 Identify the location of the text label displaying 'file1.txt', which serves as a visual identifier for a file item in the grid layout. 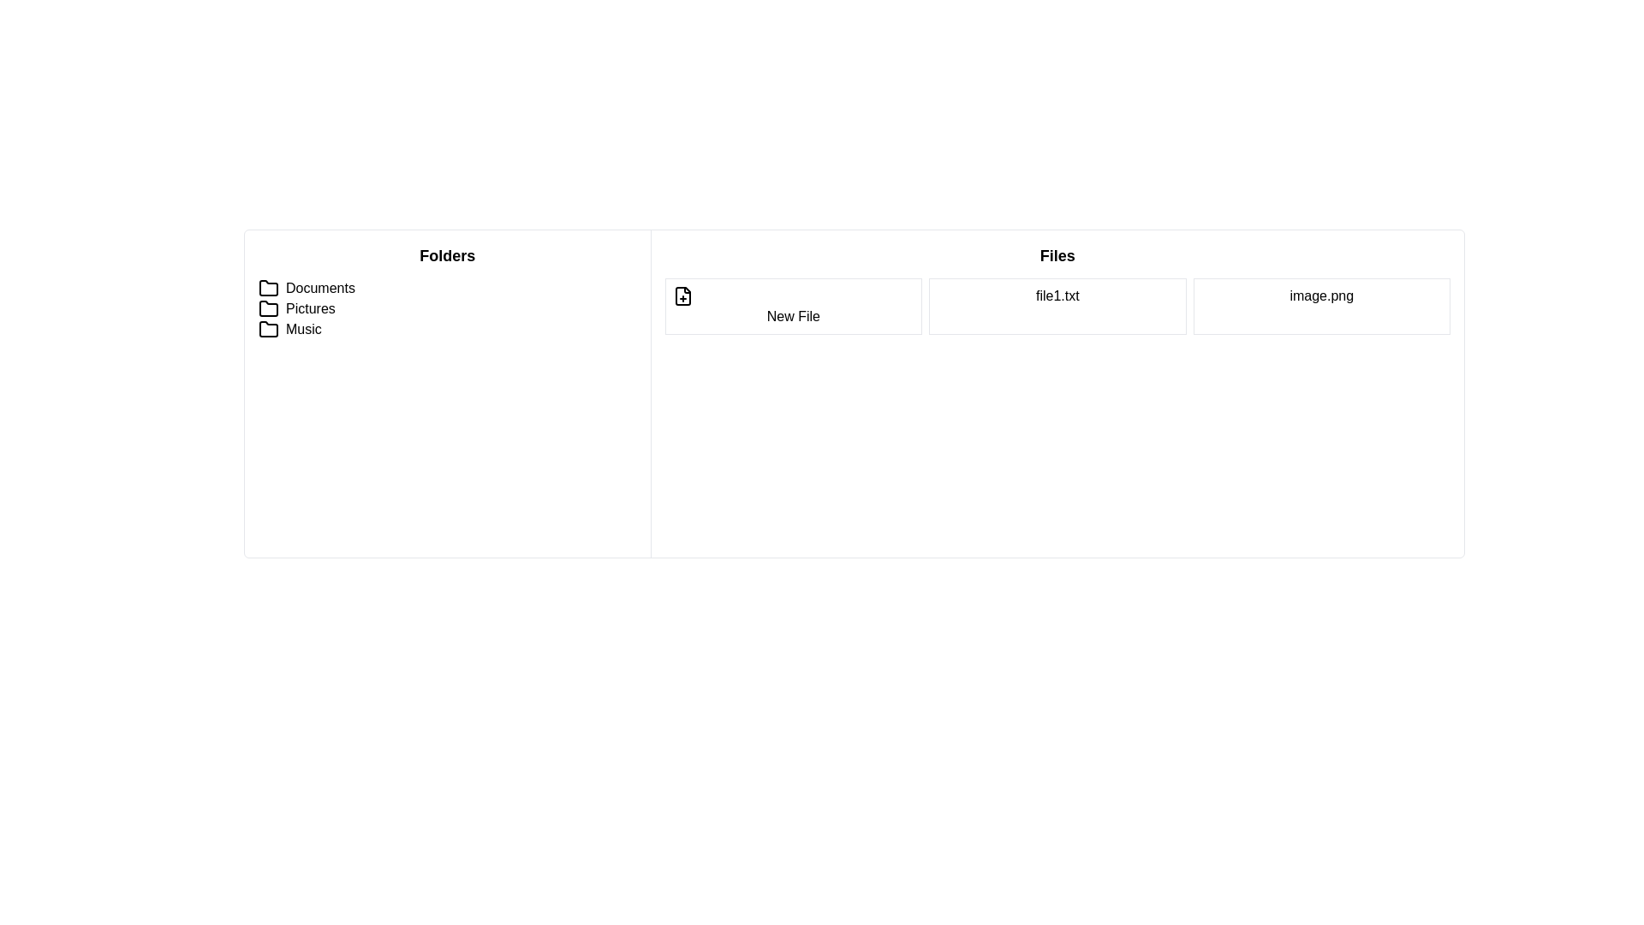
(1057, 306).